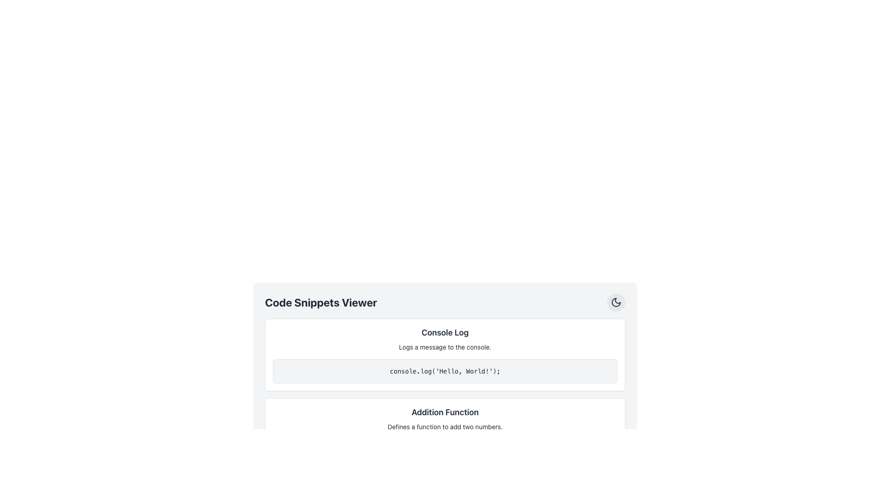 The width and height of the screenshot is (870, 489). I want to click on the toggle button for light or dark mode located on the far right side of the header area, adjacent to the title 'Code Snippets Viewer', so click(616, 302).